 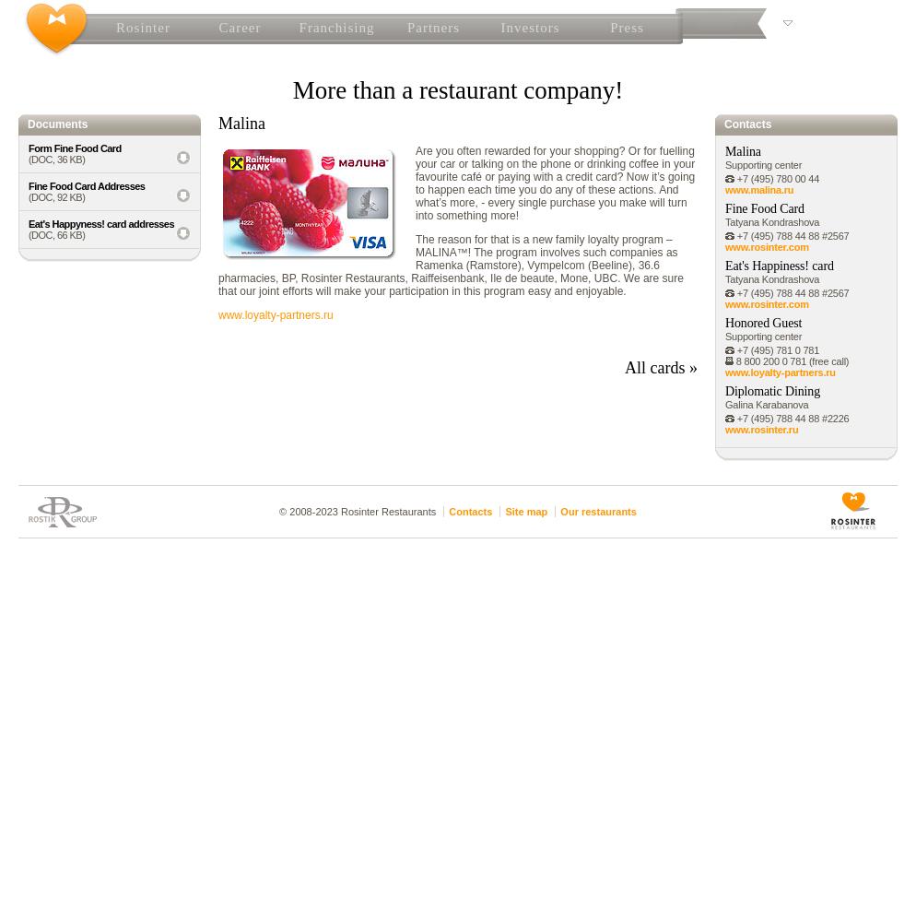 I want to click on 'Franchising', so click(x=335, y=28).